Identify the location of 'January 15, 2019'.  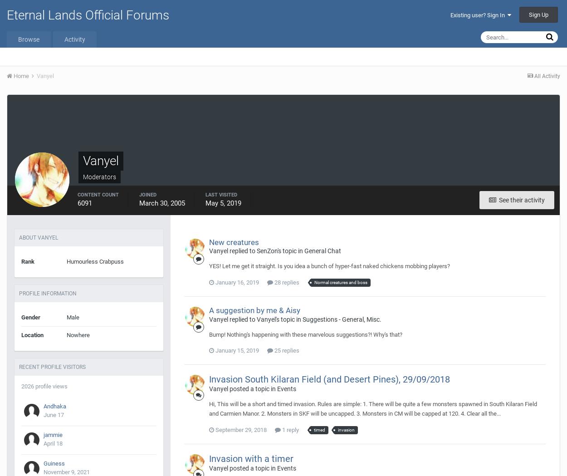
(237, 350).